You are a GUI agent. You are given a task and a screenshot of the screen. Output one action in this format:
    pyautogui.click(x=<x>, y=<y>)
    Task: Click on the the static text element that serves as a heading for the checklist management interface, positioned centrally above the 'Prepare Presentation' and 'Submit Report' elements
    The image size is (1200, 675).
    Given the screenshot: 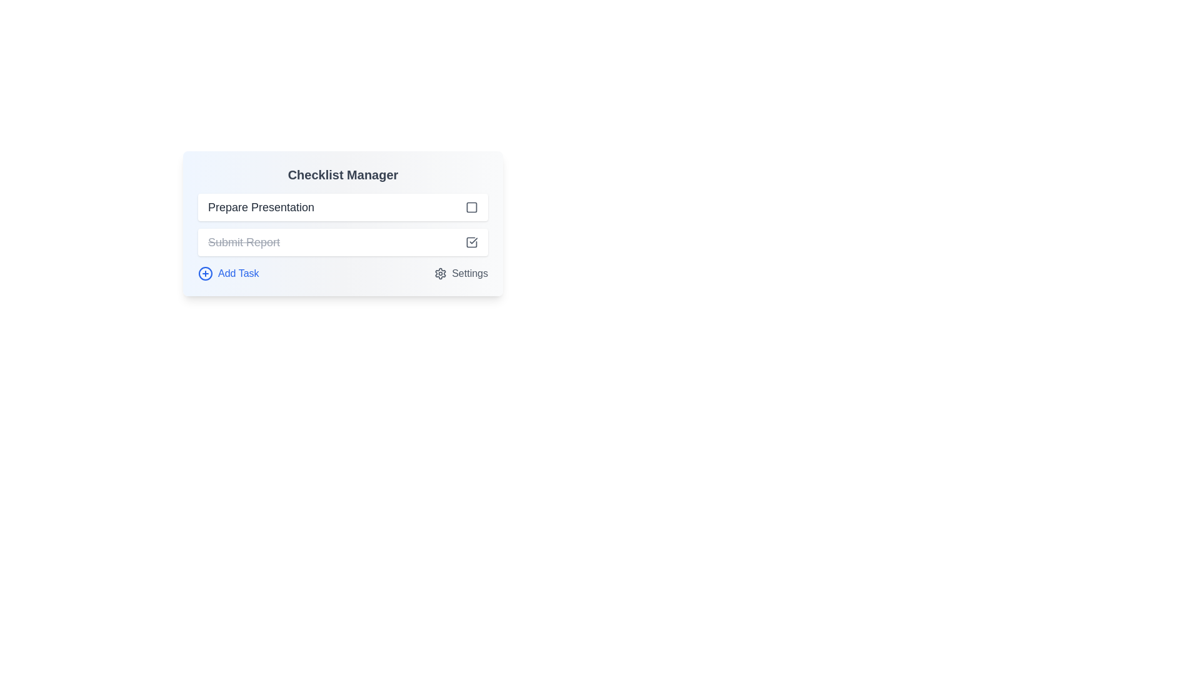 What is the action you would take?
    pyautogui.click(x=342, y=175)
    